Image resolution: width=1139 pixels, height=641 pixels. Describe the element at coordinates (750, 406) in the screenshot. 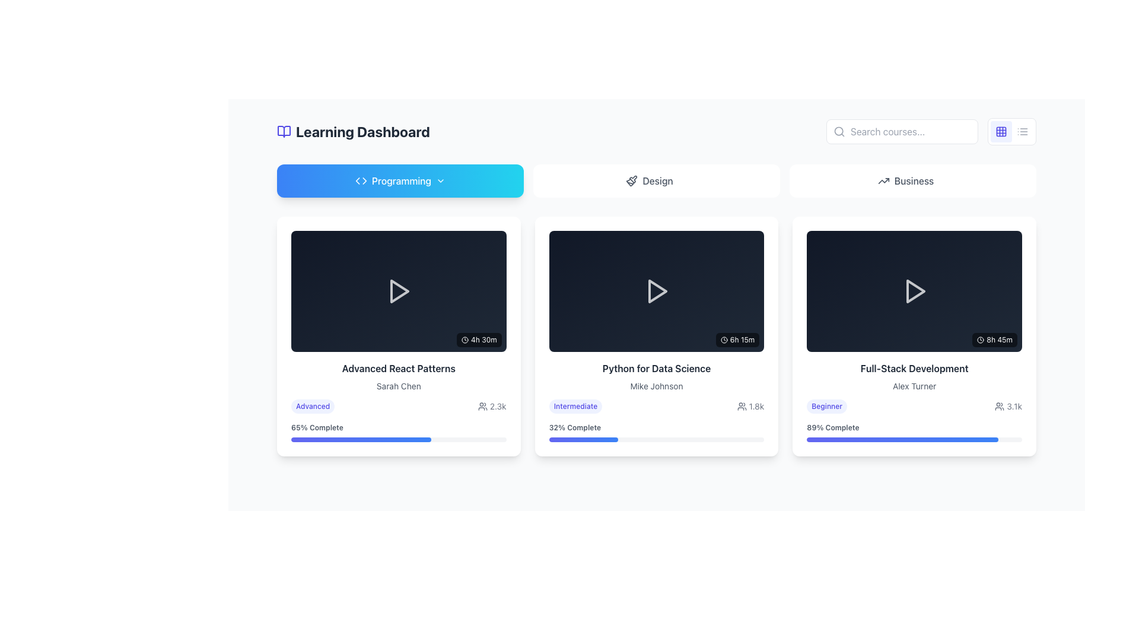

I see `the textual display of '1.8k' styled in gray color, located in the bottom-right corner of the 'Python for Data Science' card, next to the 'Intermediate' label` at that location.